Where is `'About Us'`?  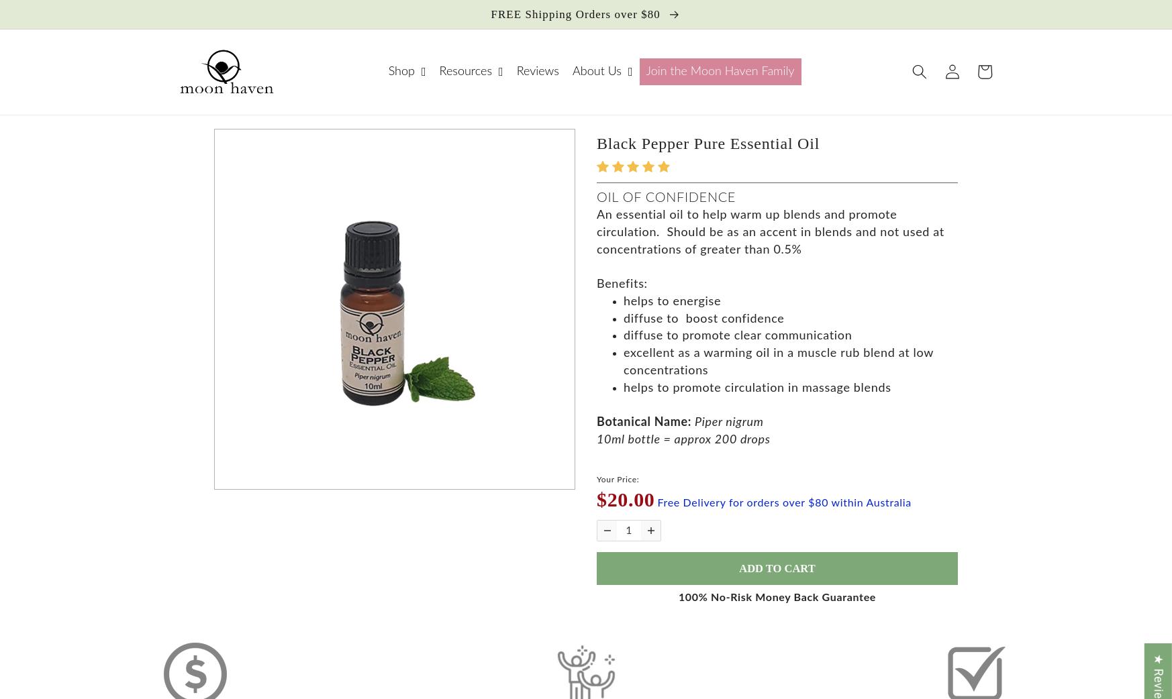
'About Us' is located at coordinates (596, 72).